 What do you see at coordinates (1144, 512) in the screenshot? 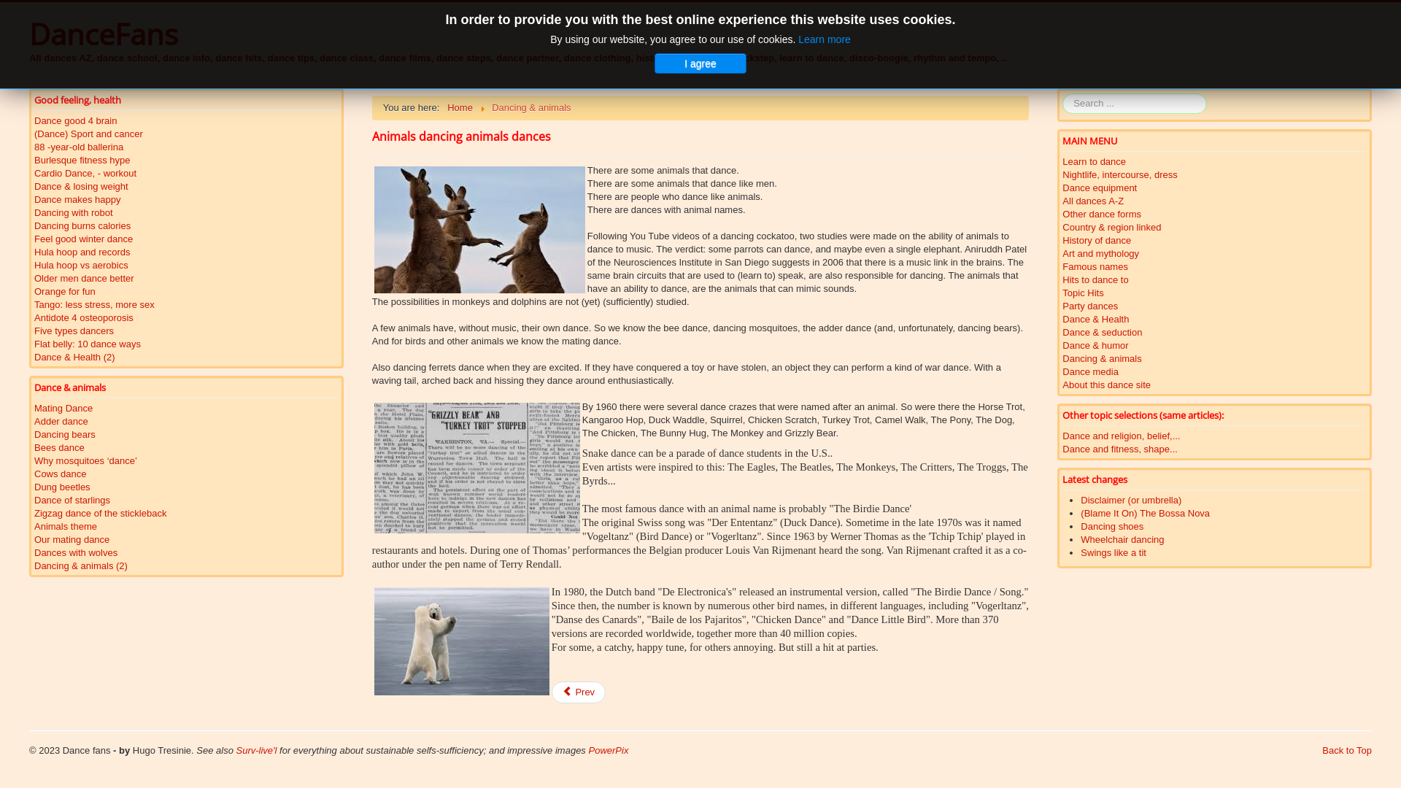
I see `'(Blame It On) The Bossa Nova'` at bounding box center [1144, 512].